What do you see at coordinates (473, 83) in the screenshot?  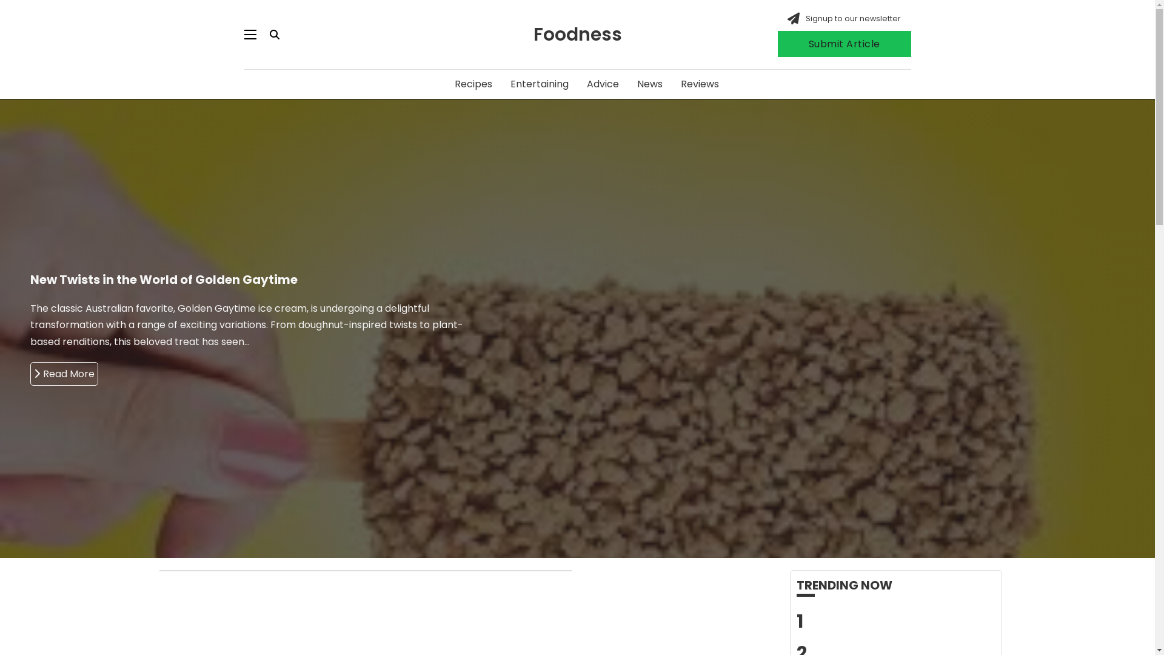 I see `'Recipes'` at bounding box center [473, 83].